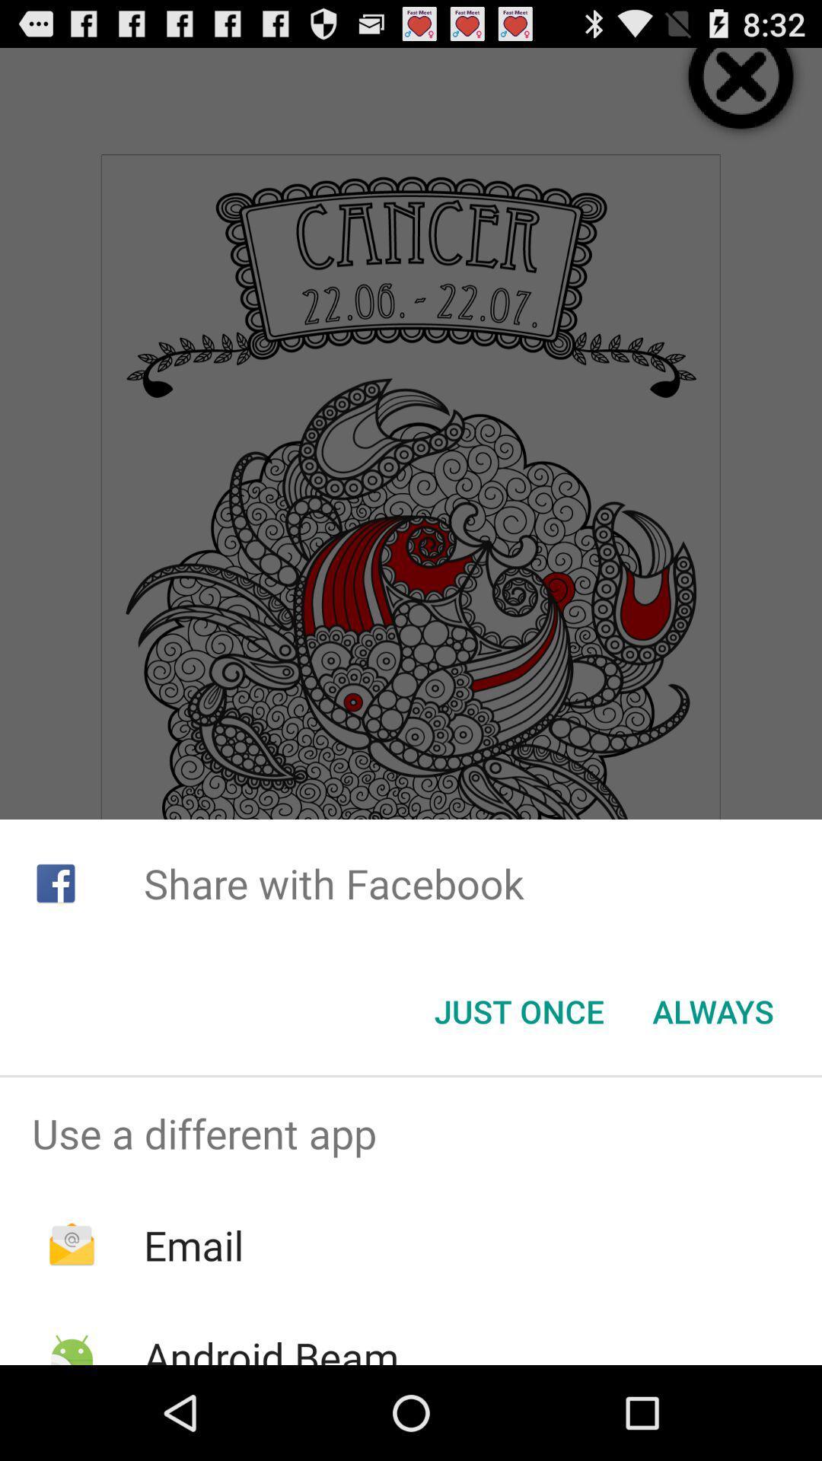 The image size is (822, 1461). Describe the element at coordinates (411, 1133) in the screenshot. I see `the item above the email icon` at that location.